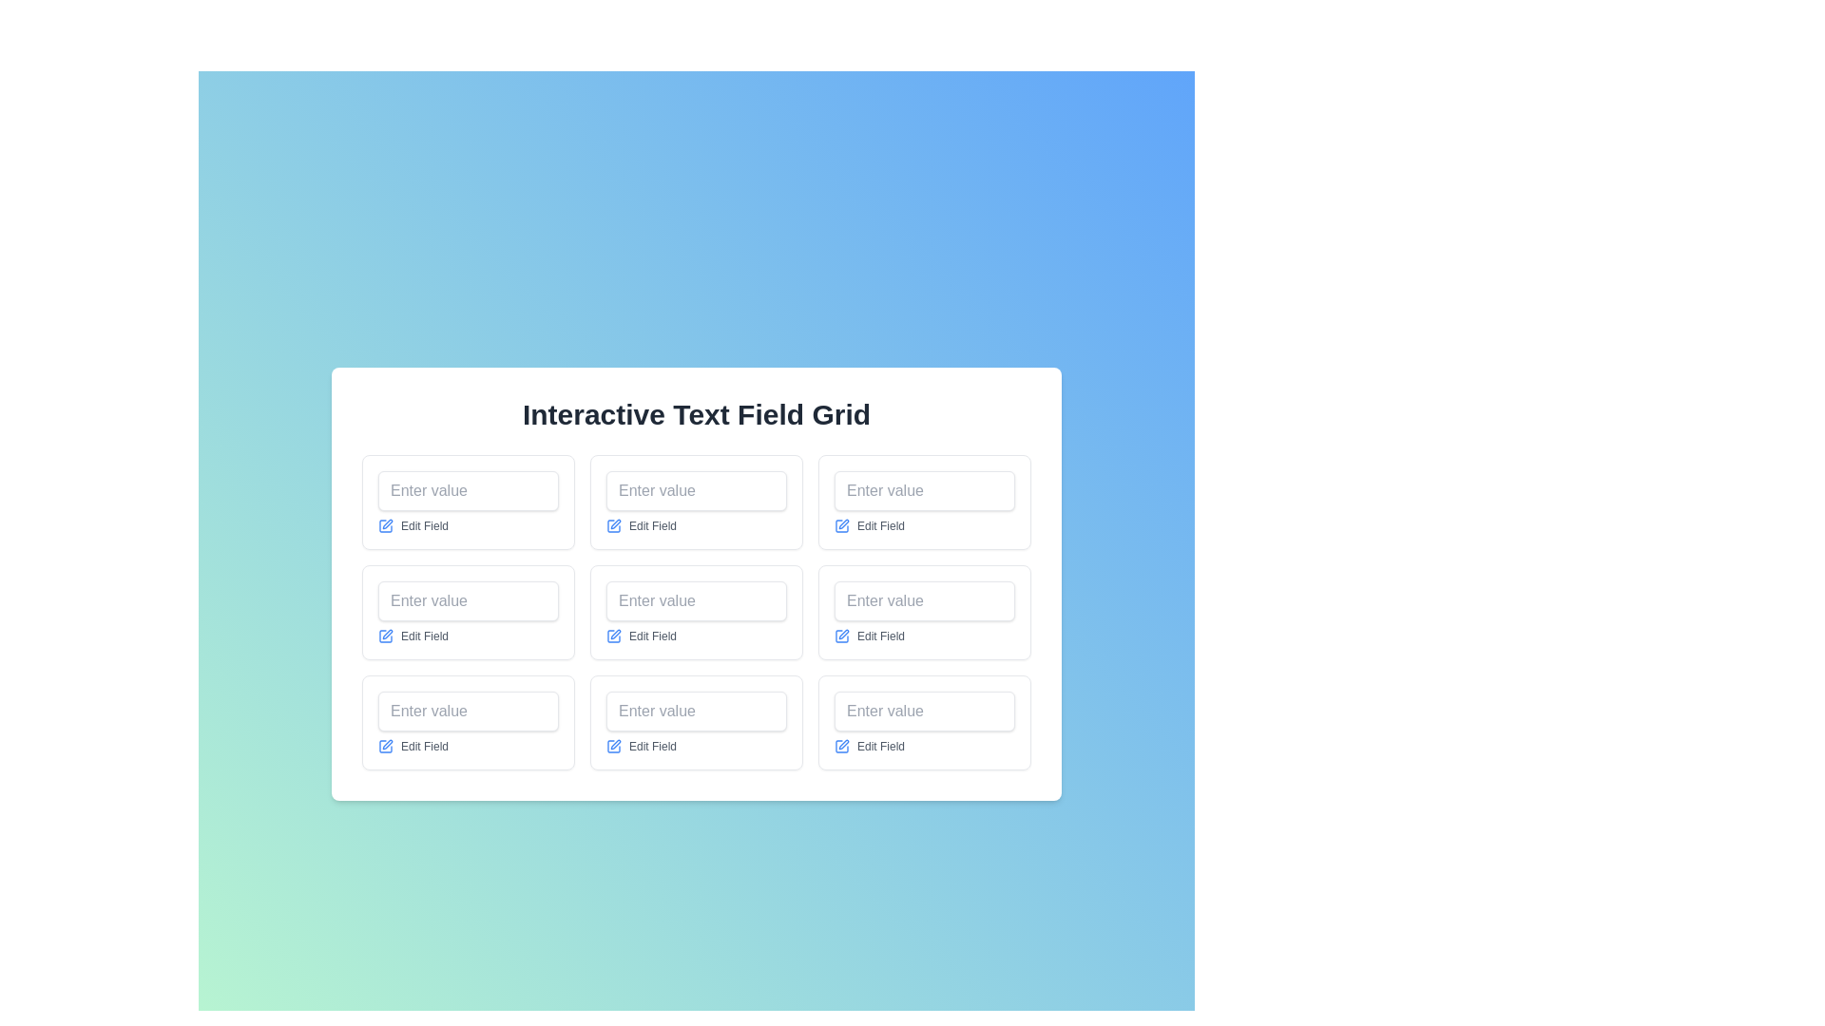 The image size is (1825, 1026). I want to click on the sixth edit icon in the bottom right corner of the grid, so click(843, 634).